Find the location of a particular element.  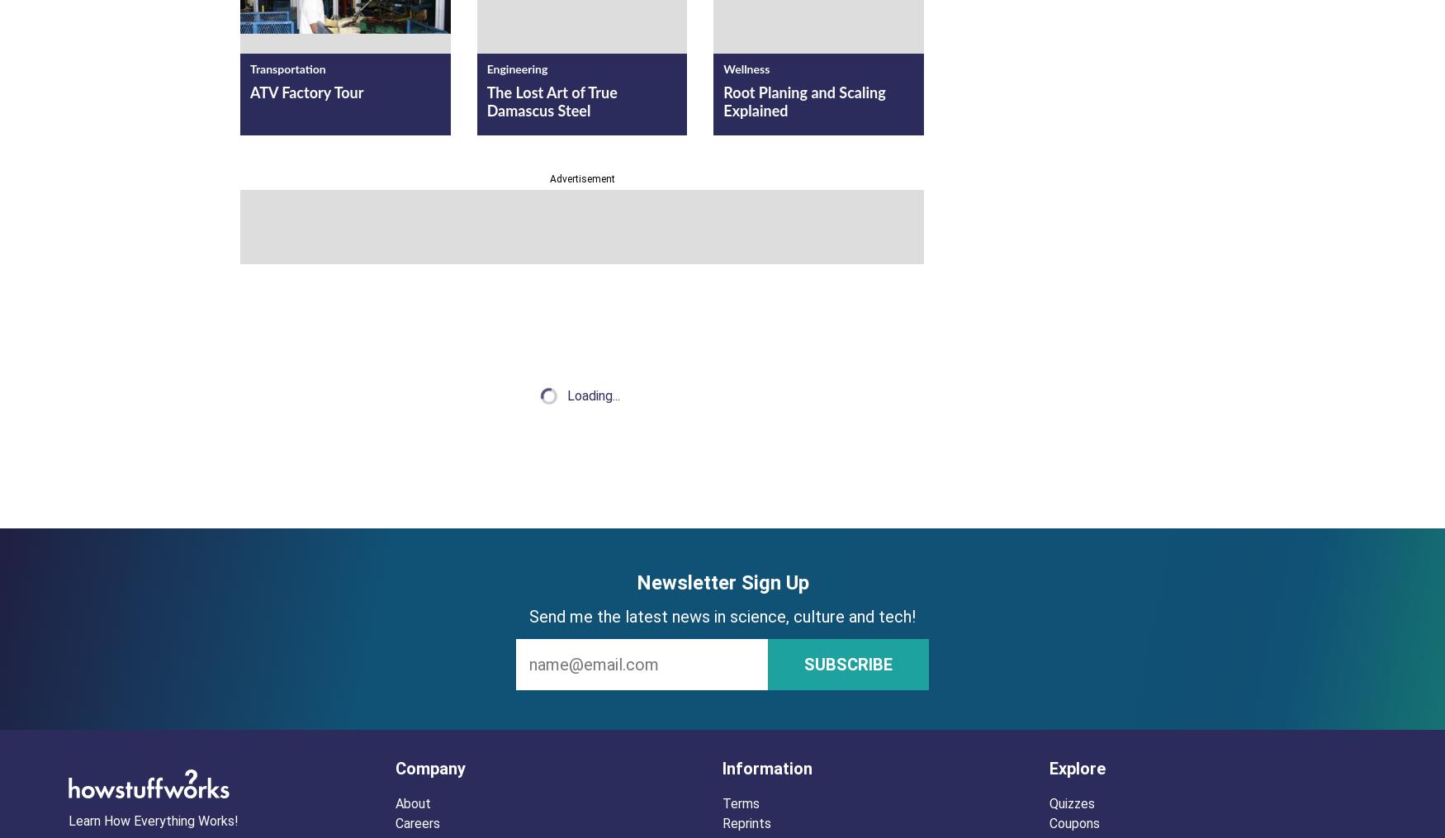

'Quizzes' is located at coordinates (1071, 802).